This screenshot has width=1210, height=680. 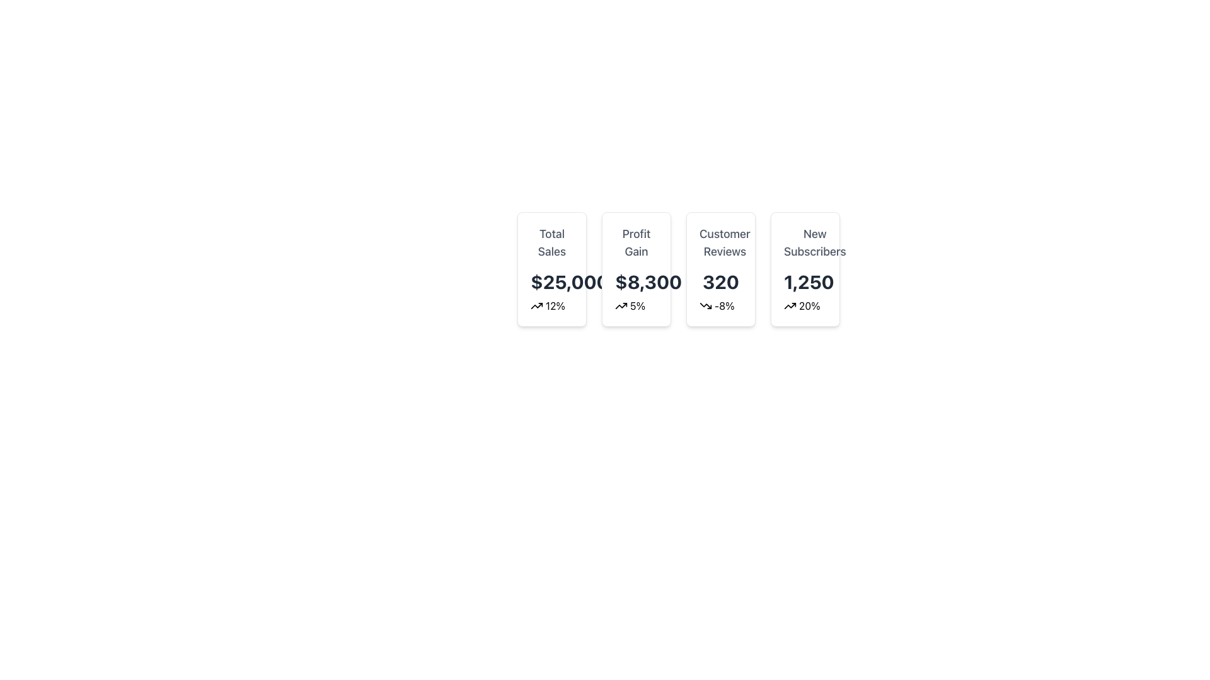 What do you see at coordinates (621, 306) in the screenshot?
I see `the positive trend icon located to the left of the '5%' text within the 'Profit Gain' card` at bounding box center [621, 306].